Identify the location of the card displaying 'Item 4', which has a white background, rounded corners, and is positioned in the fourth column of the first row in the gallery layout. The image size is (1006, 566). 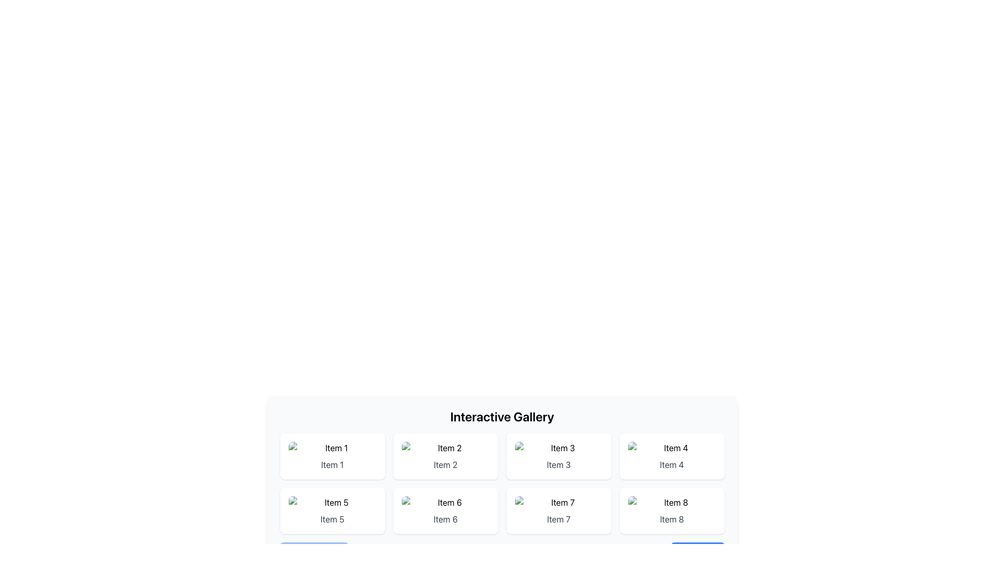
(672, 456).